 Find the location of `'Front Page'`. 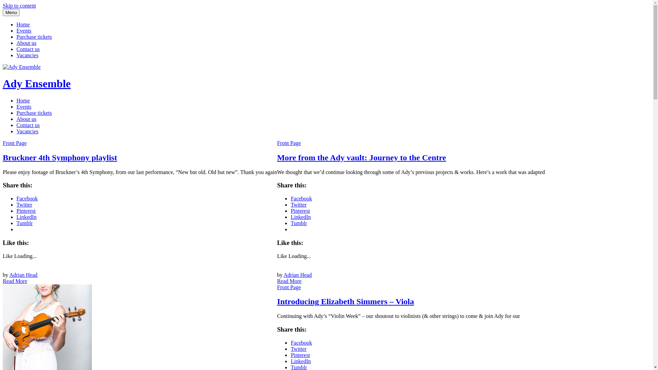

'Front Page' is located at coordinates (15, 143).